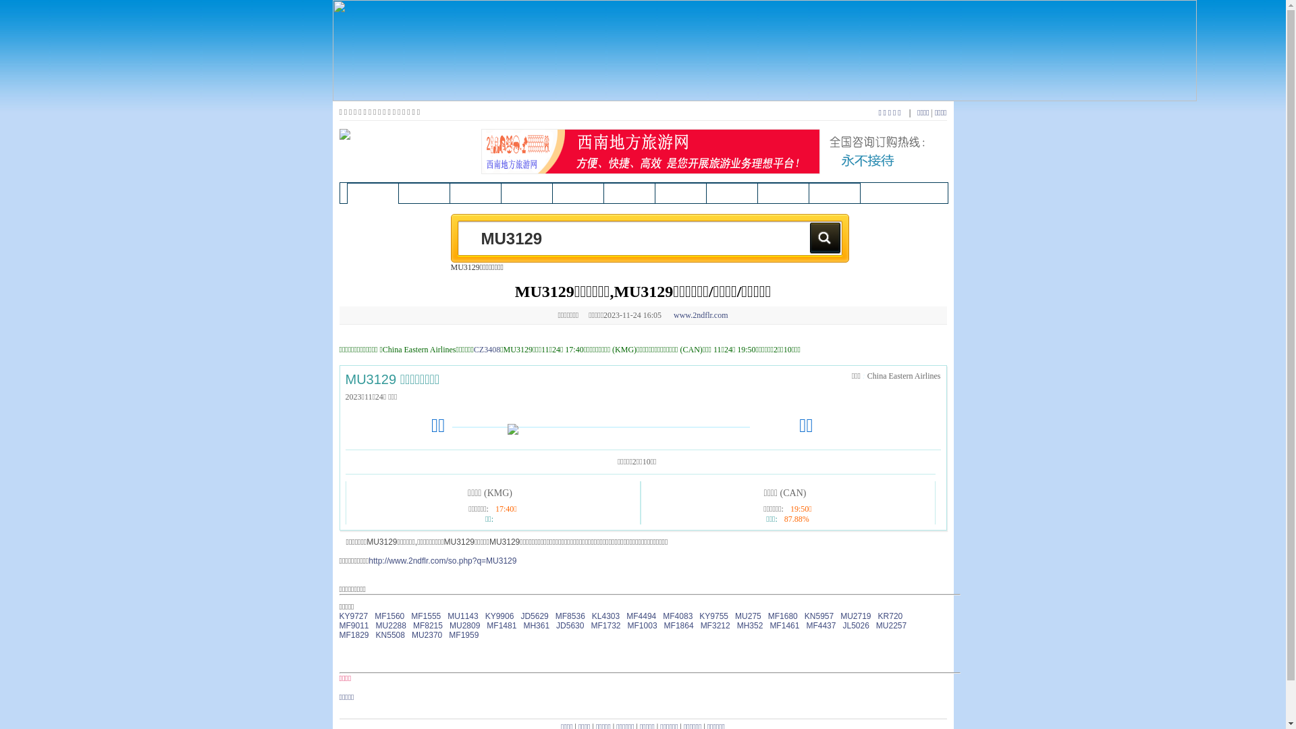 The width and height of the screenshot is (1296, 729). What do you see at coordinates (426, 635) in the screenshot?
I see `'MU2370'` at bounding box center [426, 635].